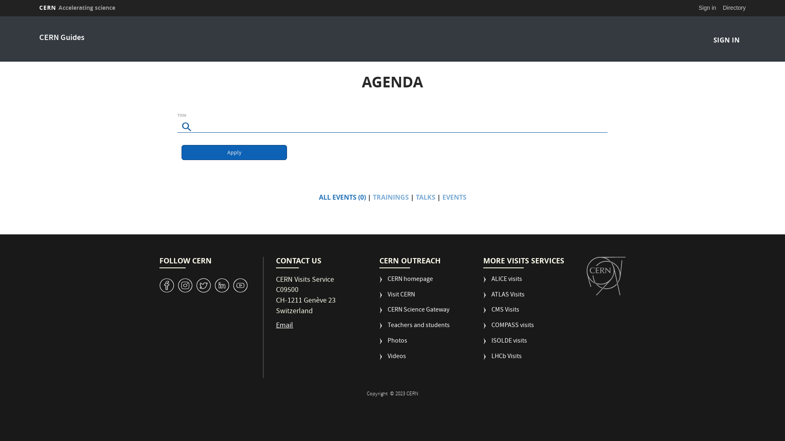  I want to click on 'Teachers and students', so click(414, 329).